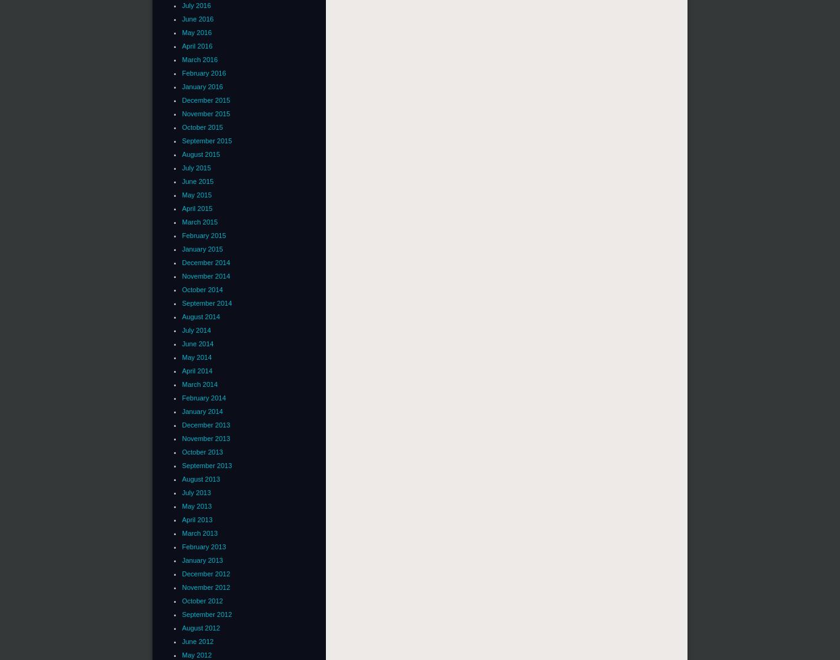 The height and width of the screenshot is (660, 840). I want to click on 'June 2015', so click(197, 180).